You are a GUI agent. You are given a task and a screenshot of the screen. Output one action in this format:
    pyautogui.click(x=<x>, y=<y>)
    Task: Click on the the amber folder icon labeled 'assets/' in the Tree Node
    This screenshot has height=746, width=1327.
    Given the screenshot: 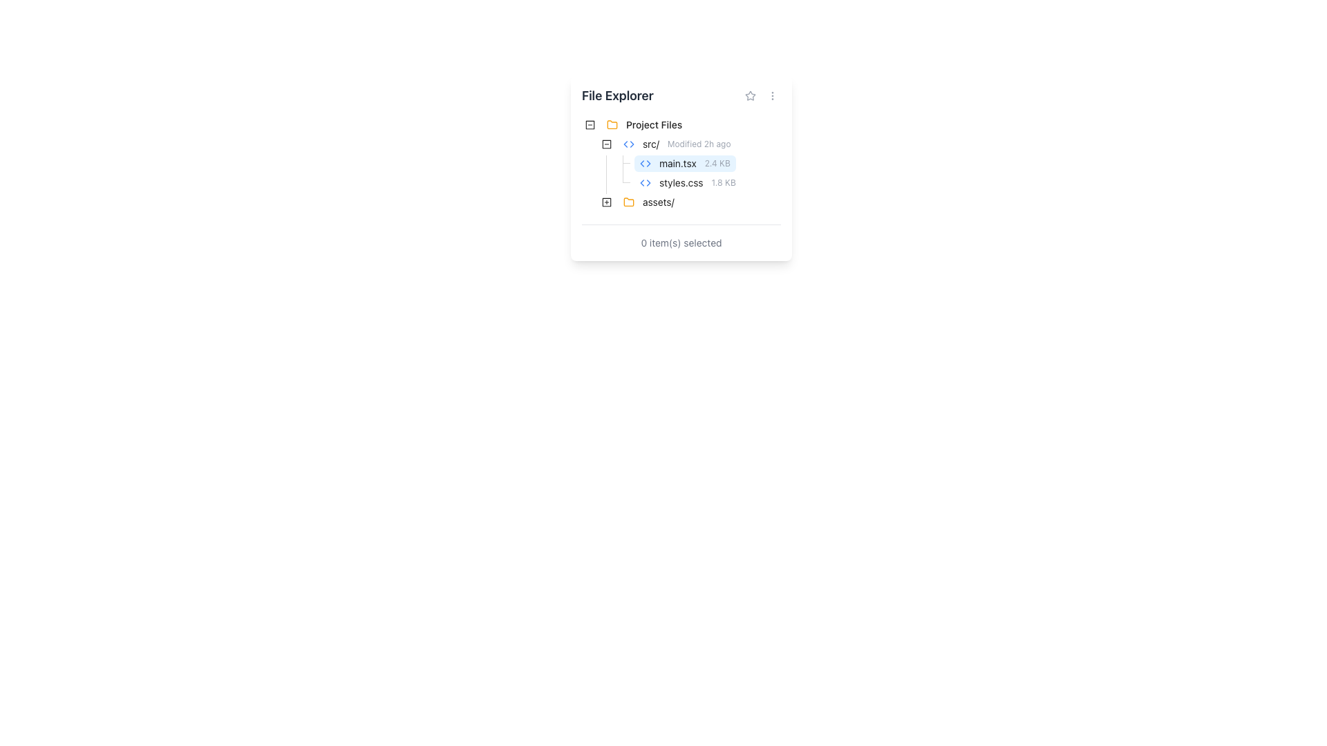 What is the action you would take?
    pyautogui.click(x=630, y=202)
    